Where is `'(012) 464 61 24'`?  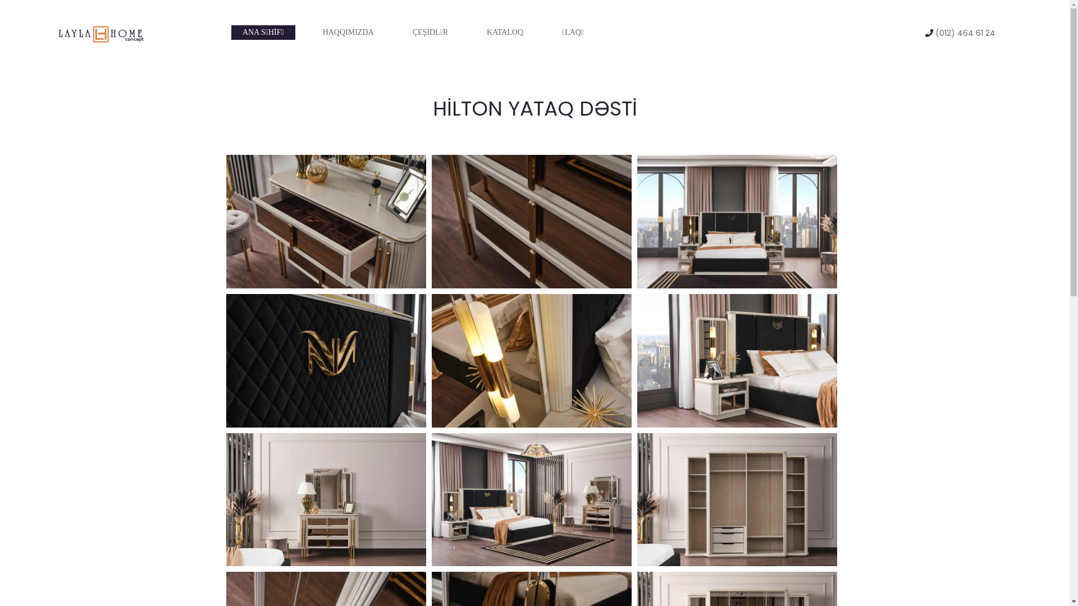 '(012) 464 61 24' is located at coordinates (965, 33).